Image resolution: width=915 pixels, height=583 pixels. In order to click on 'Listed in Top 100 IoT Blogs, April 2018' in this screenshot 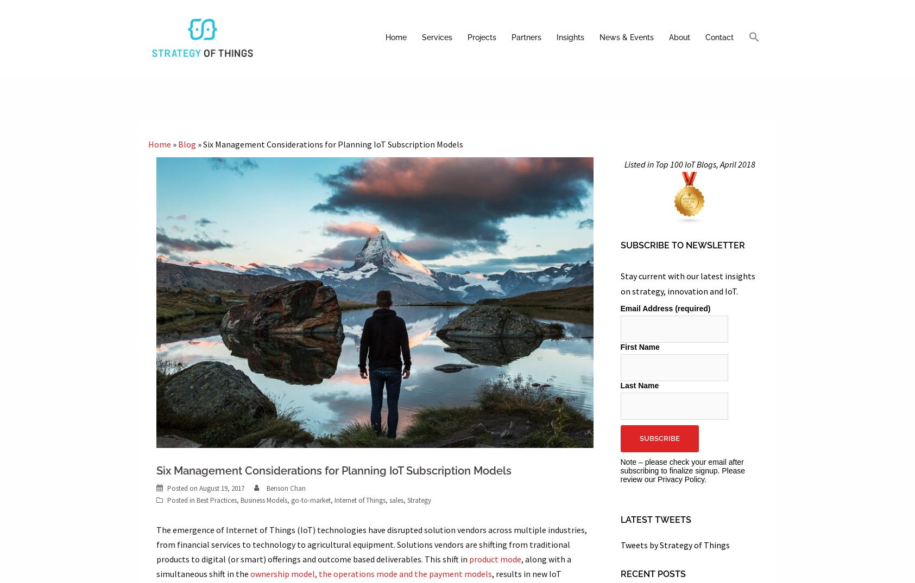, I will do `click(623, 164)`.